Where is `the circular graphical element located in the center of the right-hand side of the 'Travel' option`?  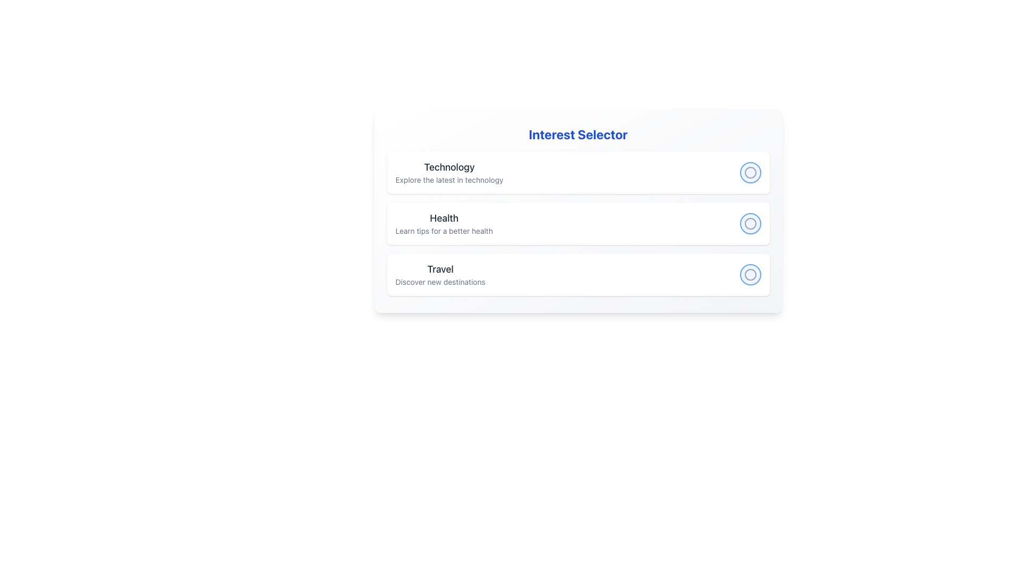
the circular graphical element located in the center of the right-hand side of the 'Travel' option is located at coordinates (750, 274).